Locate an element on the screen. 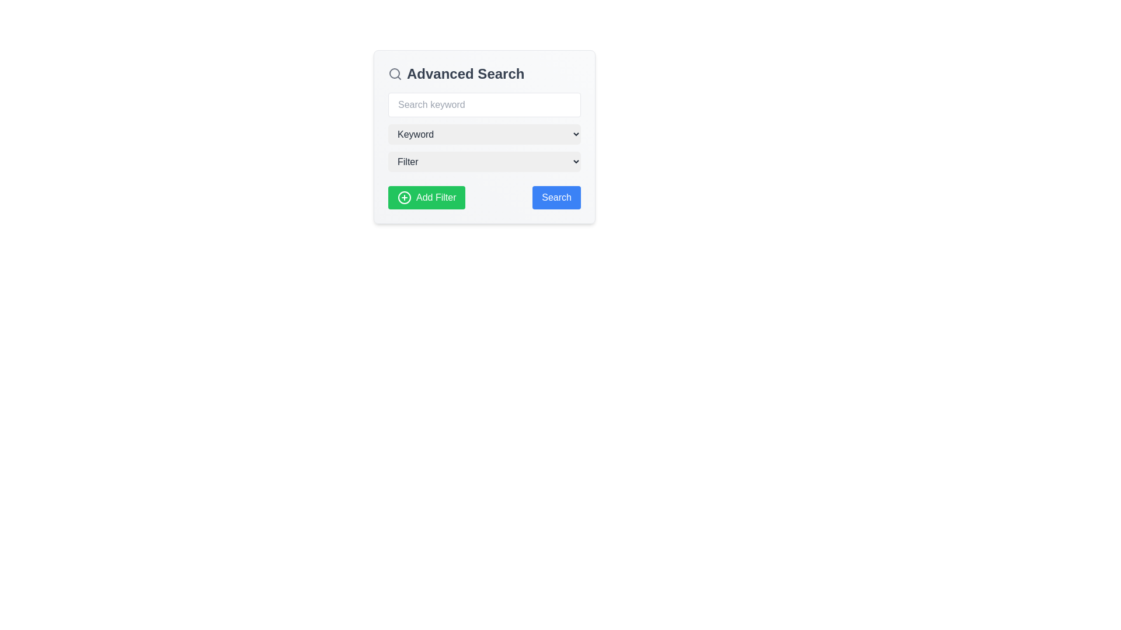  the 'Filter' dropdown menu in the 'Advanced Search' form is located at coordinates (485, 162).